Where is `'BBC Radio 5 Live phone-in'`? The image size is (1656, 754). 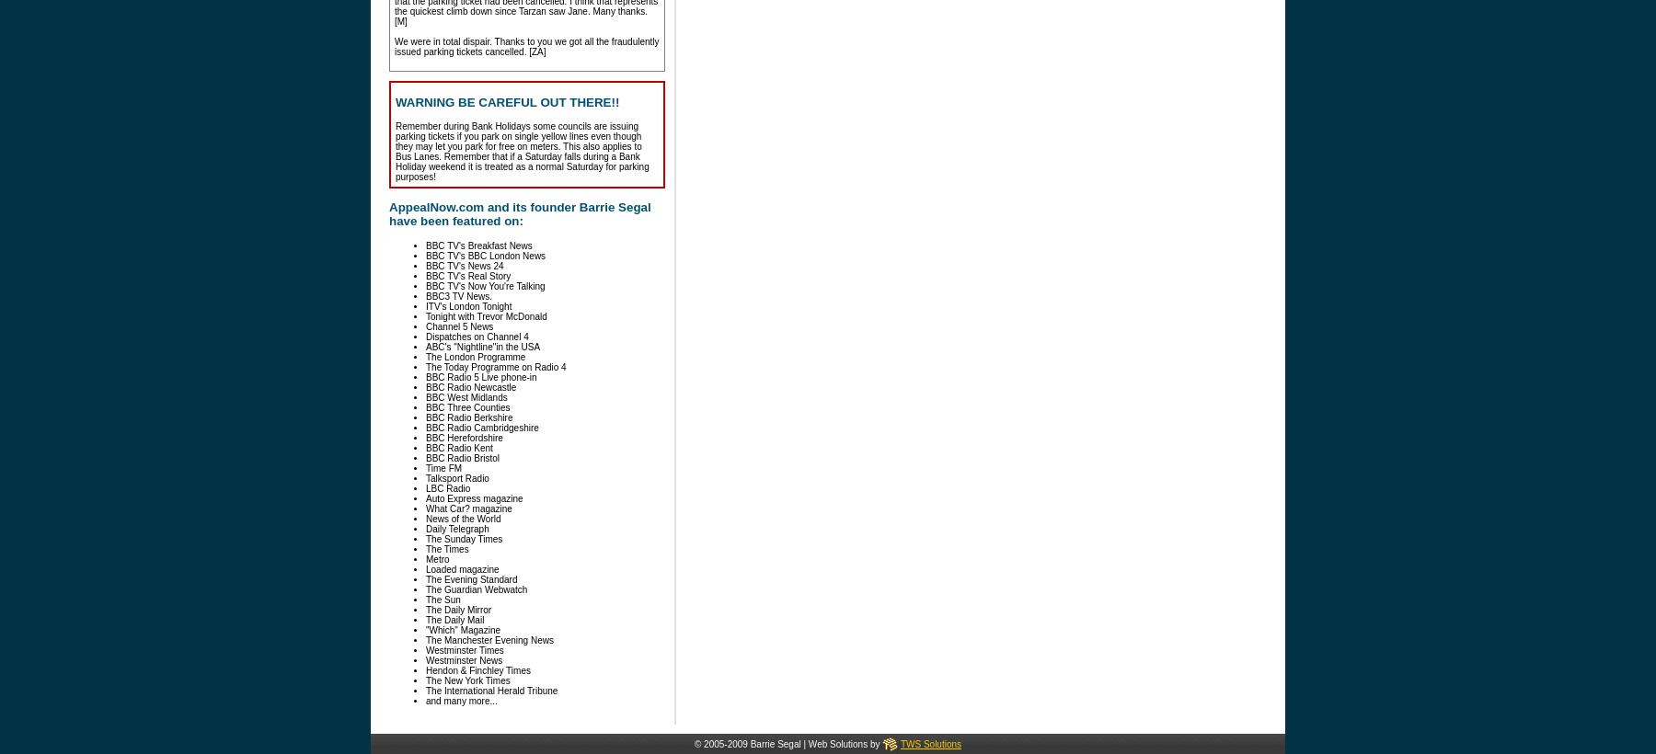
'BBC Radio 5 Live phone-in' is located at coordinates (480, 376).